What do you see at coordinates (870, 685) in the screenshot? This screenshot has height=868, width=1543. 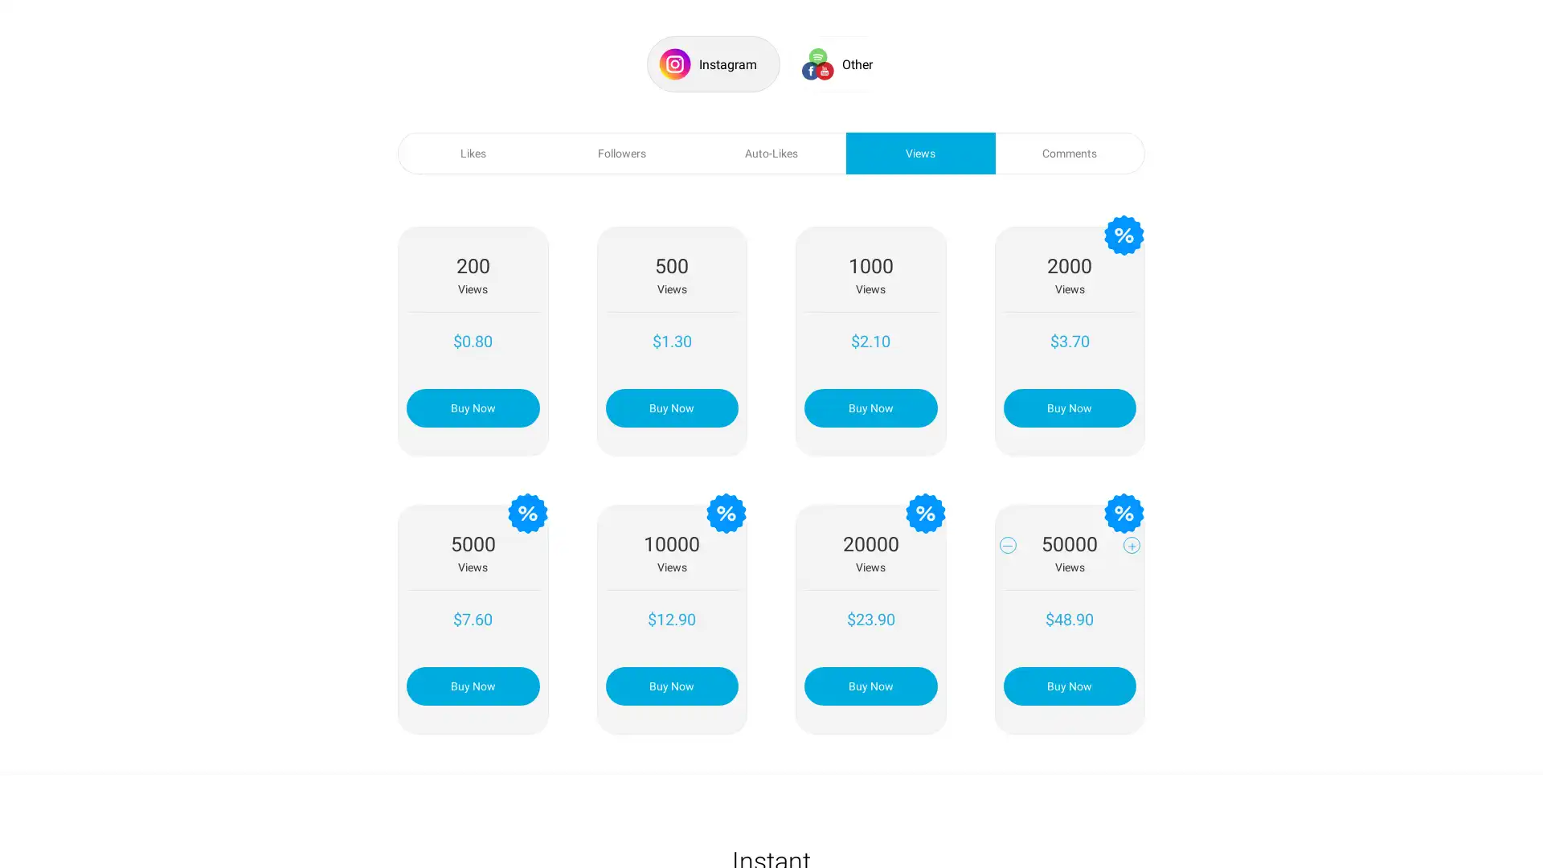 I see `Buy Now` at bounding box center [870, 685].